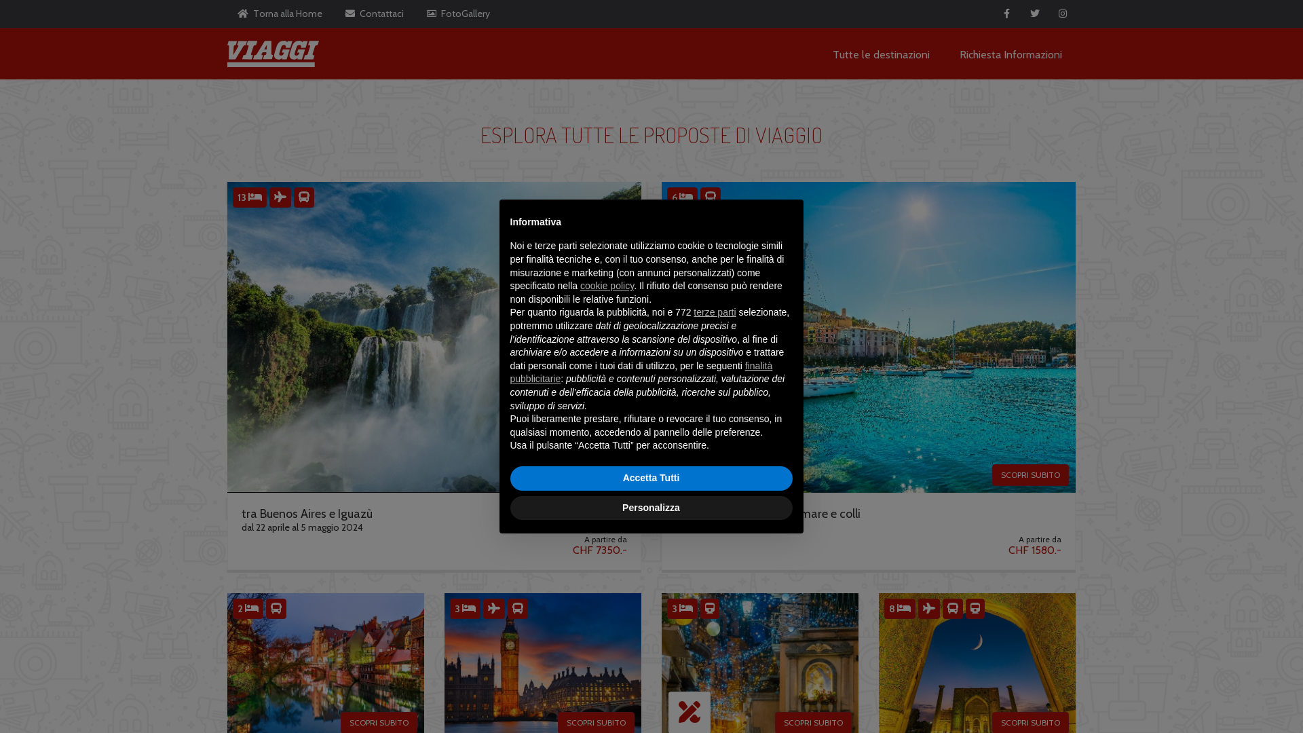 The height and width of the screenshot is (733, 1303). Describe the element at coordinates (959, 53) in the screenshot. I see `'Richiesta Informazioni'` at that location.